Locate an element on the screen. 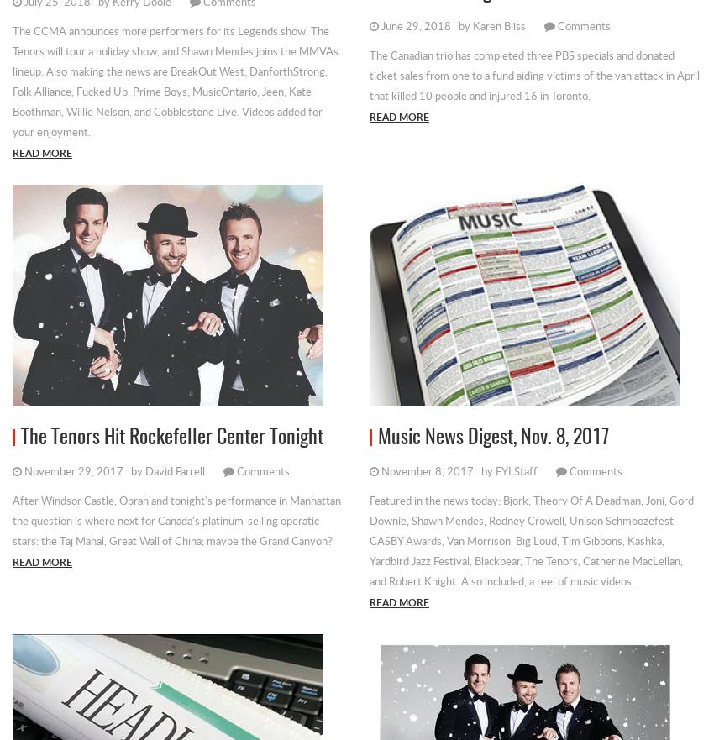 The height and width of the screenshot is (740, 714). 'FYI Staff' is located at coordinates (495, 469).